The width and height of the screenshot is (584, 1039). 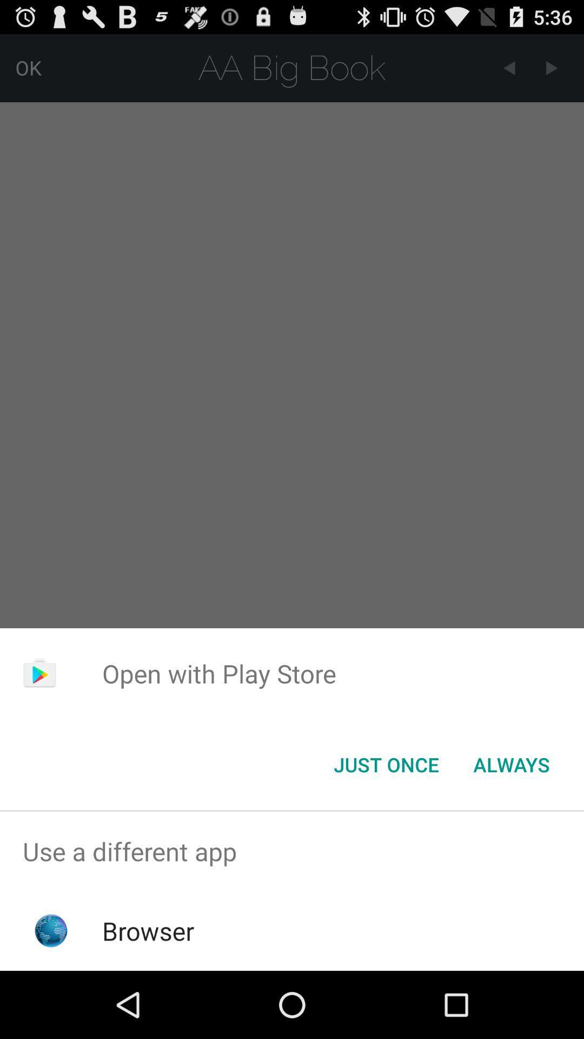 What do you see at coordinates (511, 764) in the screenshot?
I see `the item below open with play` at bounding box center [511, 764].